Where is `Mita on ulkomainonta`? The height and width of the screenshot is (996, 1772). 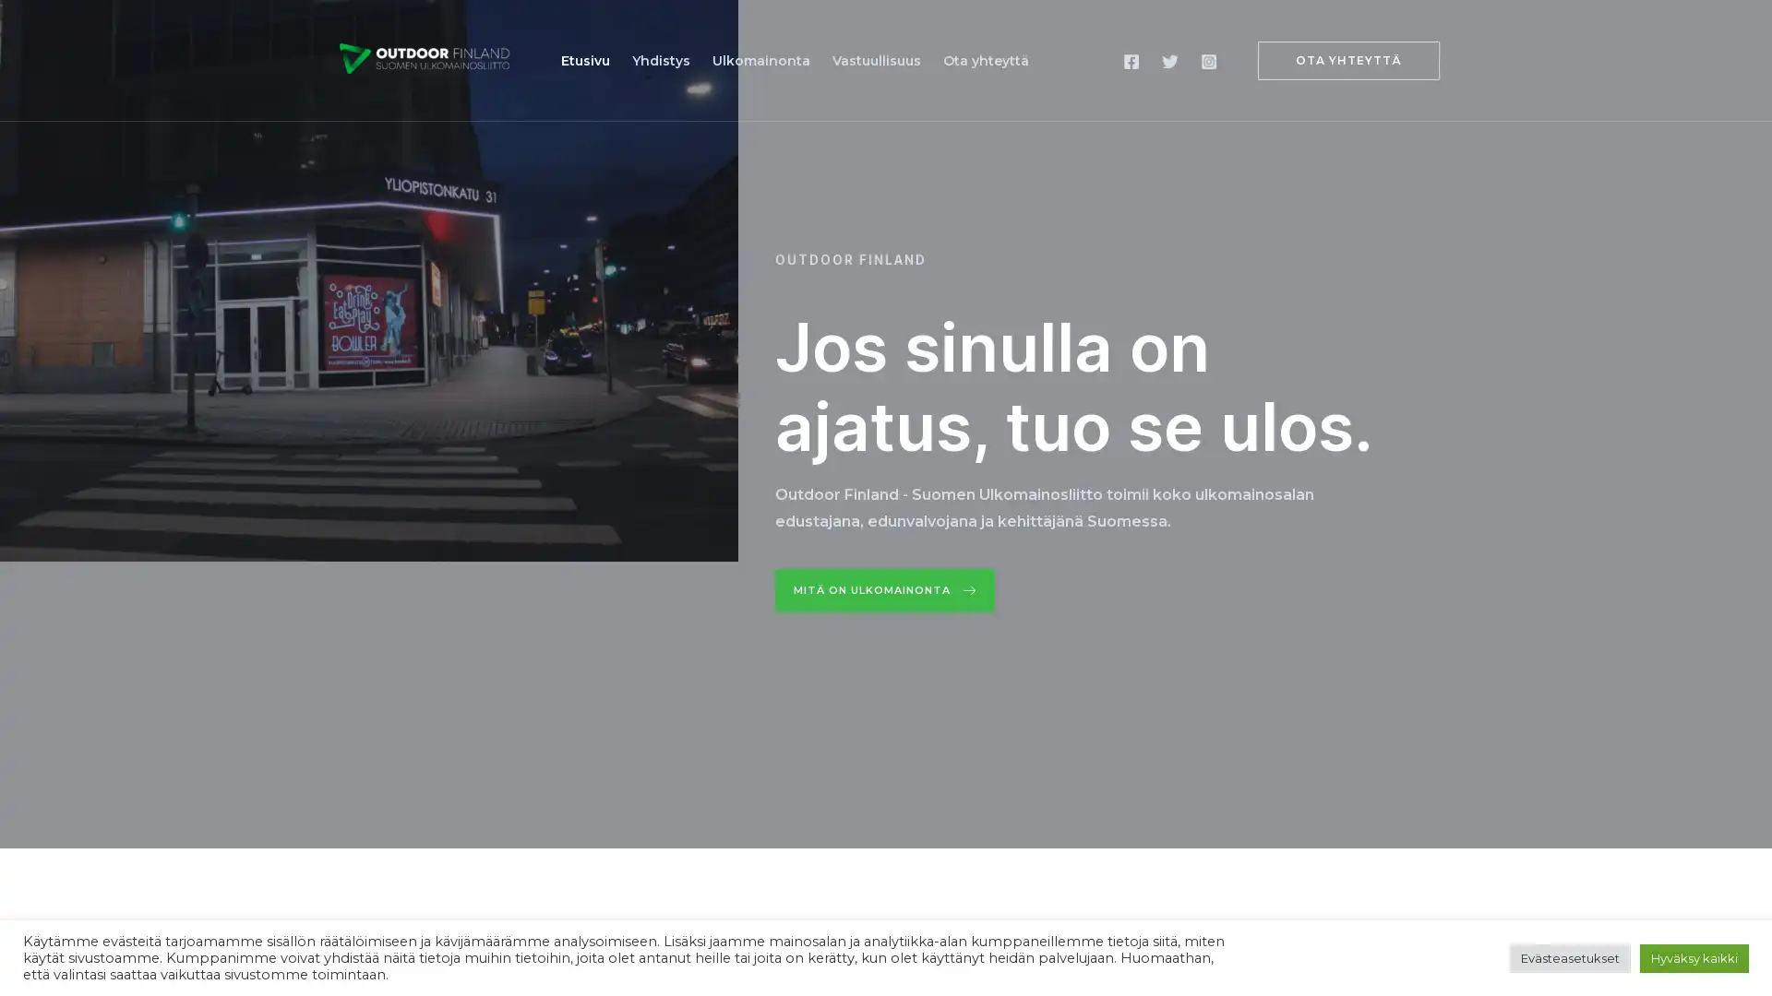
Mita on ulkomainonta is located at coordinates (900, 590).